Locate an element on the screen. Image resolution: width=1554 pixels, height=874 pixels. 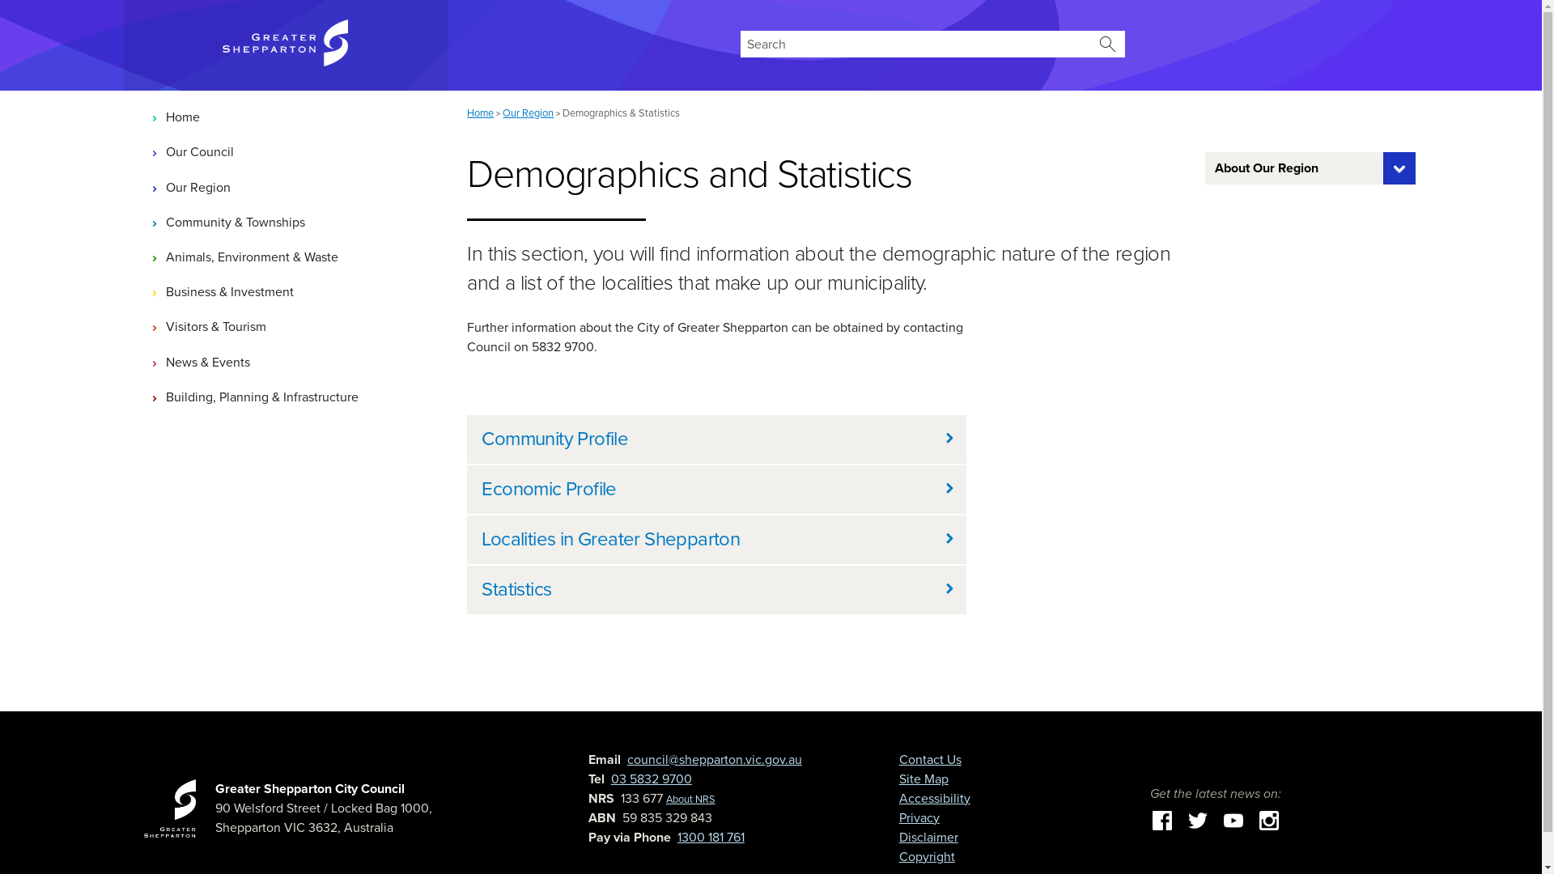
'Copyright' is located at coordinates (927, 856).